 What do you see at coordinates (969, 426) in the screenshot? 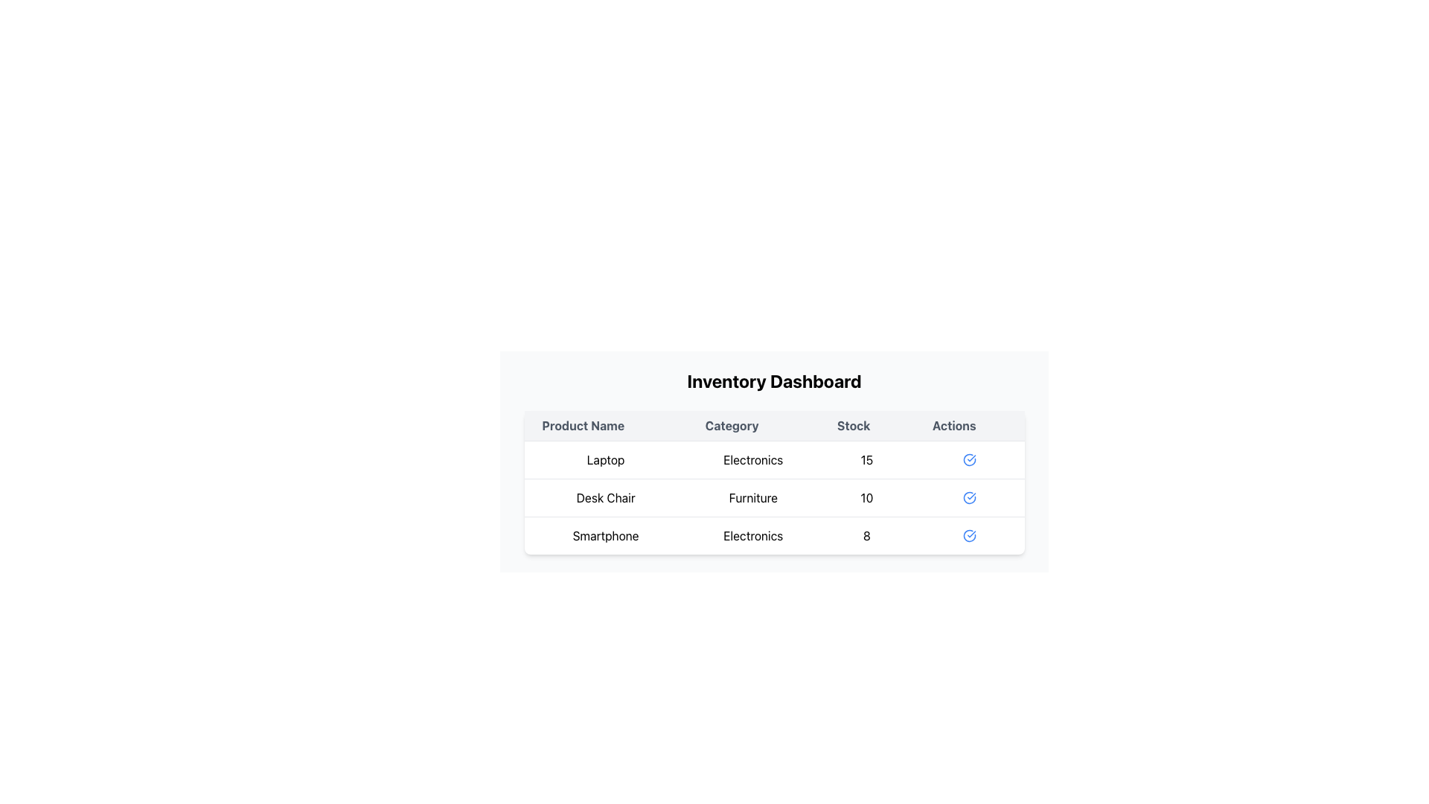
I see `the 'Actions' label in the table header, which is styled with a sans-serif font and has a dark text color on a light background` at bounding box center [969, 426].